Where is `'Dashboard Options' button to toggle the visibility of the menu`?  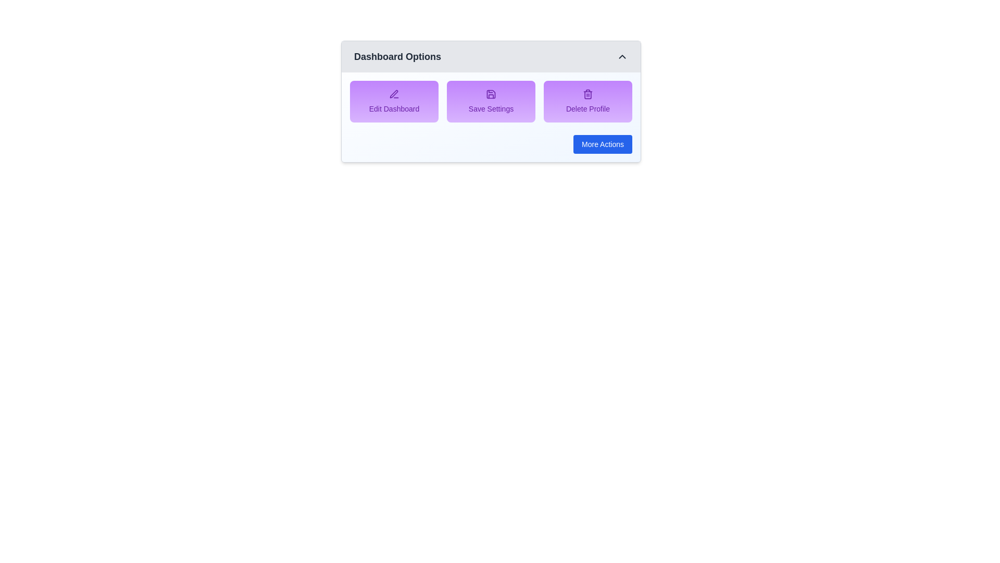
'Dashboard Options' button to toggle the visibility of the menu is located at coordinates (490, 56).